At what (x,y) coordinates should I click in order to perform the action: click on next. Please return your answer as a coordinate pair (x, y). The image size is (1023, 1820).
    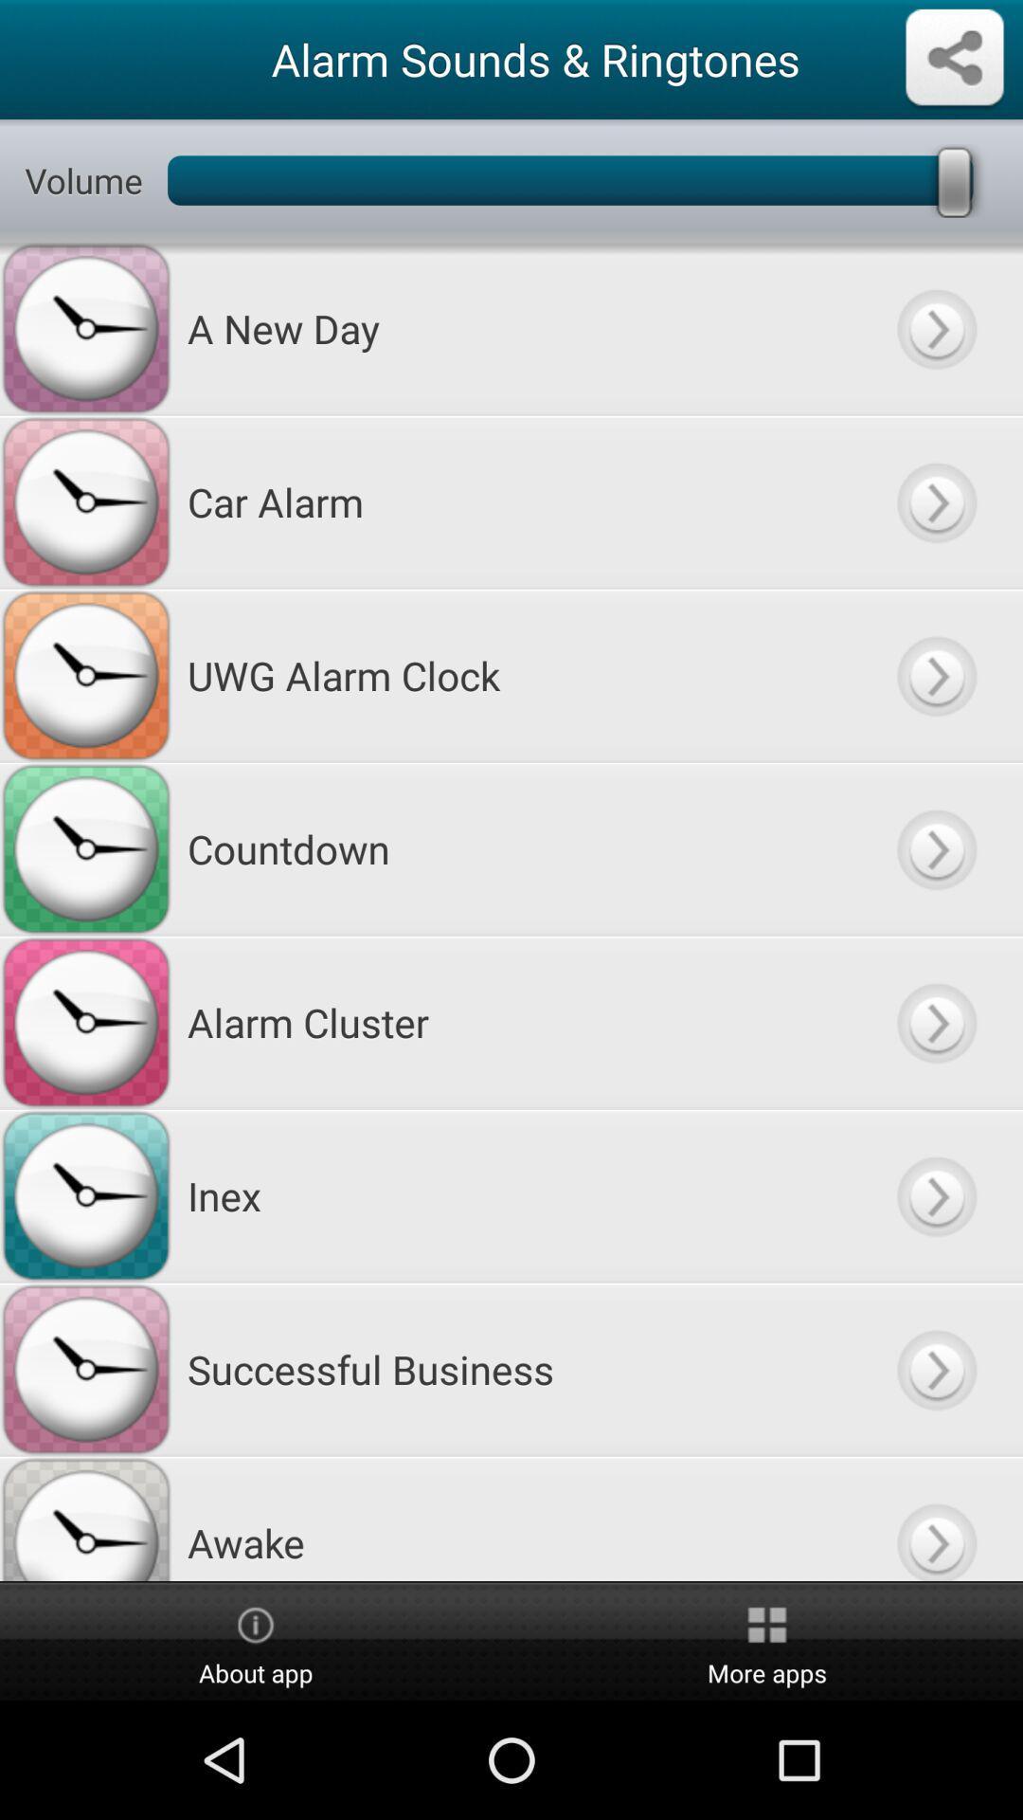
    Looking at the image, I should click on (935, 675).